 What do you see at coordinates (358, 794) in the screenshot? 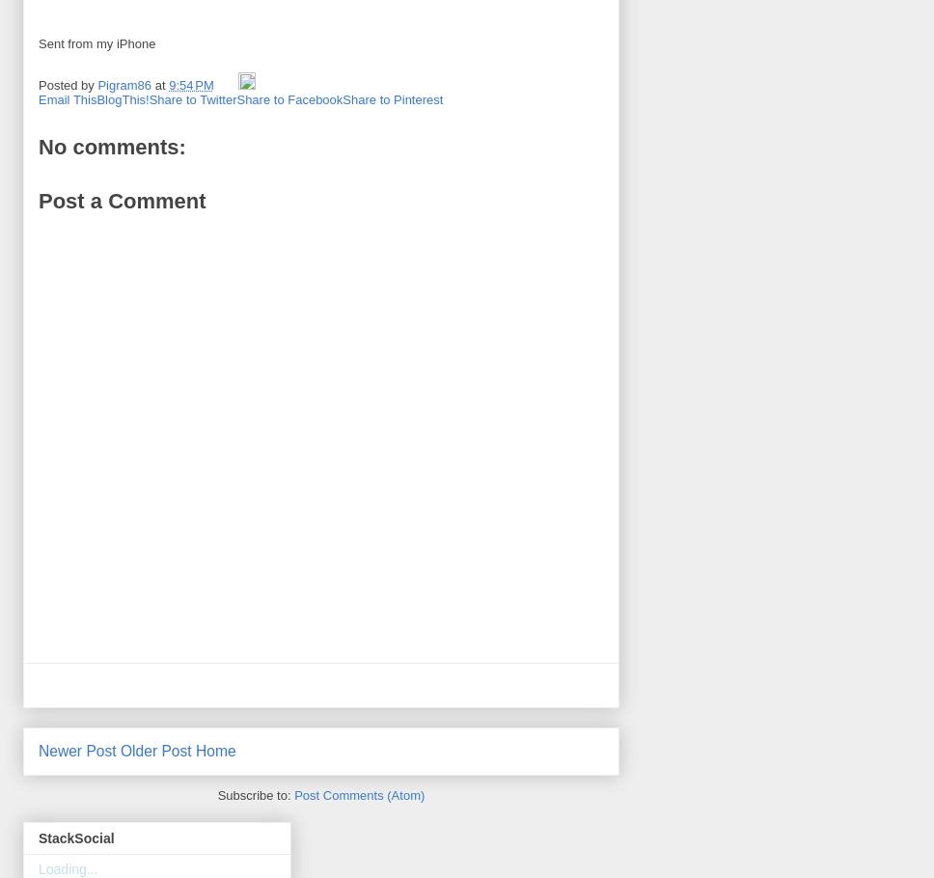
I see `'Post Comments (Atom)'` at bounding box center [358, 794].